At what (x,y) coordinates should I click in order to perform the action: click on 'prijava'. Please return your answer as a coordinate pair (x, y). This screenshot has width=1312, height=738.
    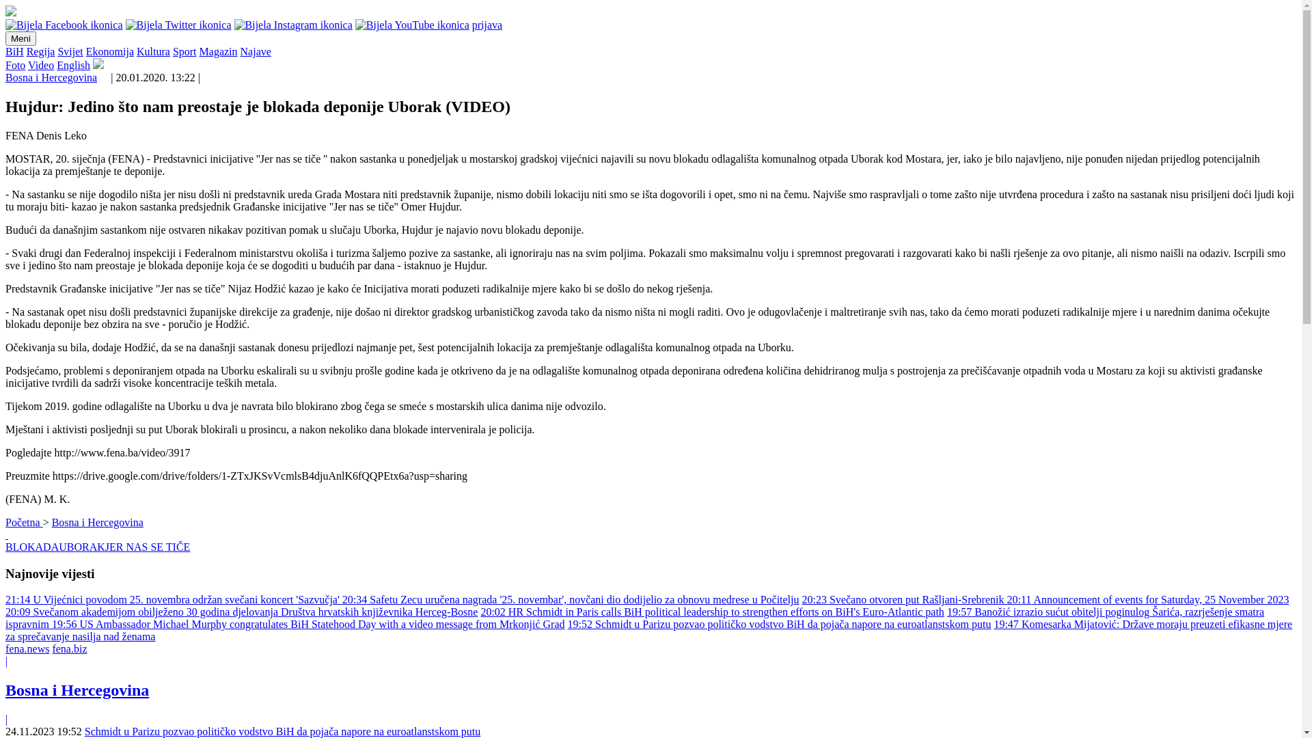
    Looking at the image, I should click on (487, 25).